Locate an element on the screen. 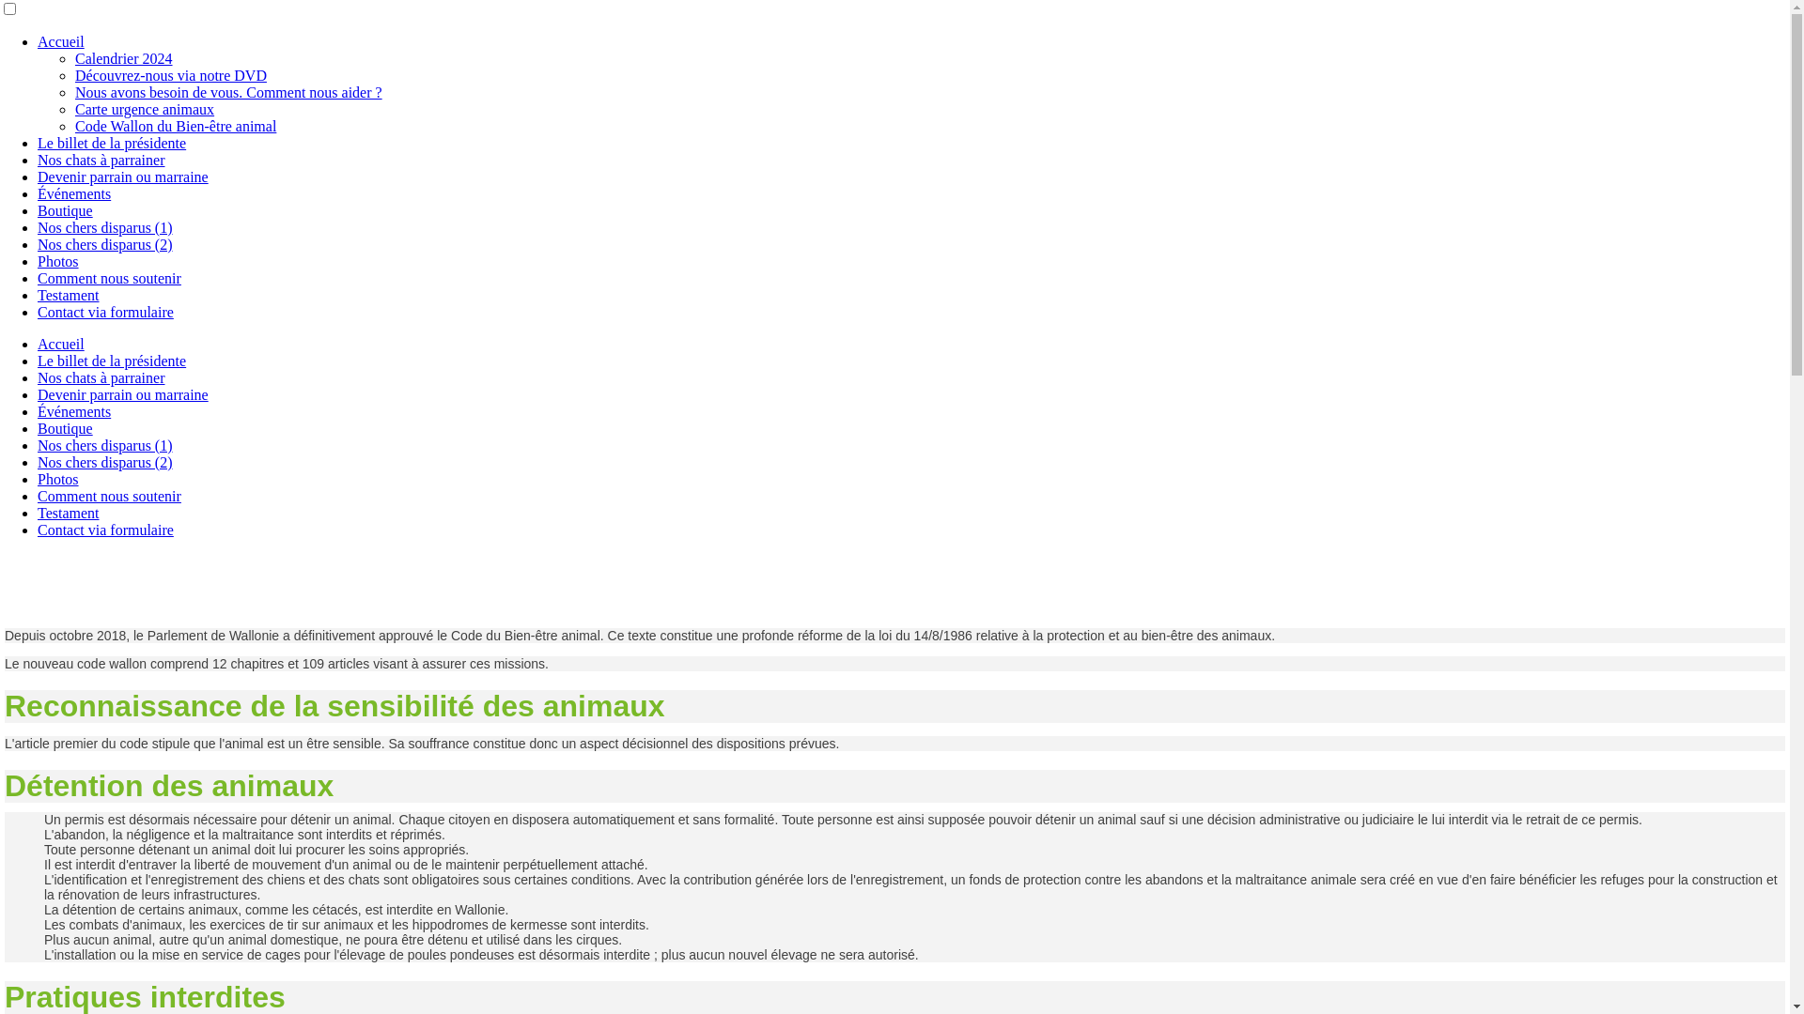  'Carte urgence animaux' is located at coordinates (143, 109).